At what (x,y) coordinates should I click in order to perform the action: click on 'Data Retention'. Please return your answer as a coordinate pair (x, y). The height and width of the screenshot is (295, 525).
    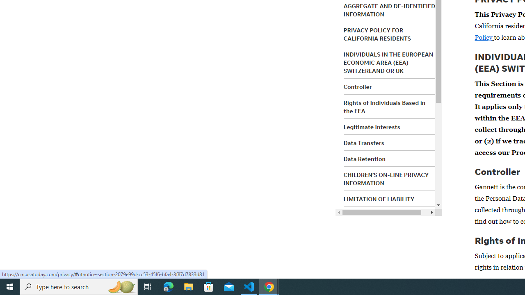
    Looking at the image, I should click on (364, 159).